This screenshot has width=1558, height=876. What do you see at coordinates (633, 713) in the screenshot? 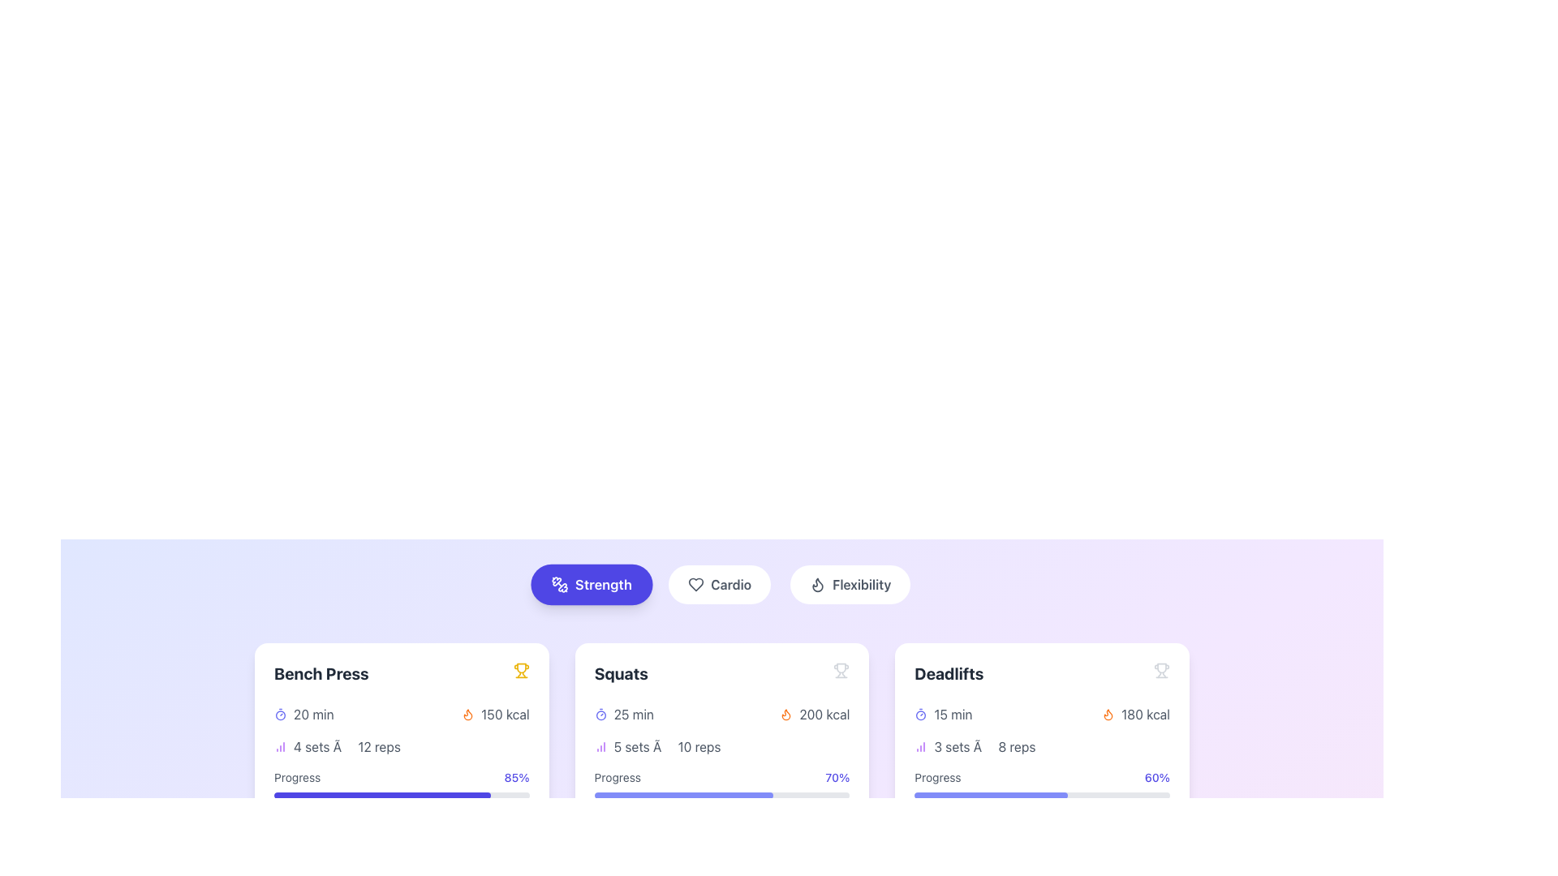
I see `text content of the text label displaying '25 min', which is located within the 'Squats' card in the middle column, to the right of a small timer icon` at bounding box center [633, 713].